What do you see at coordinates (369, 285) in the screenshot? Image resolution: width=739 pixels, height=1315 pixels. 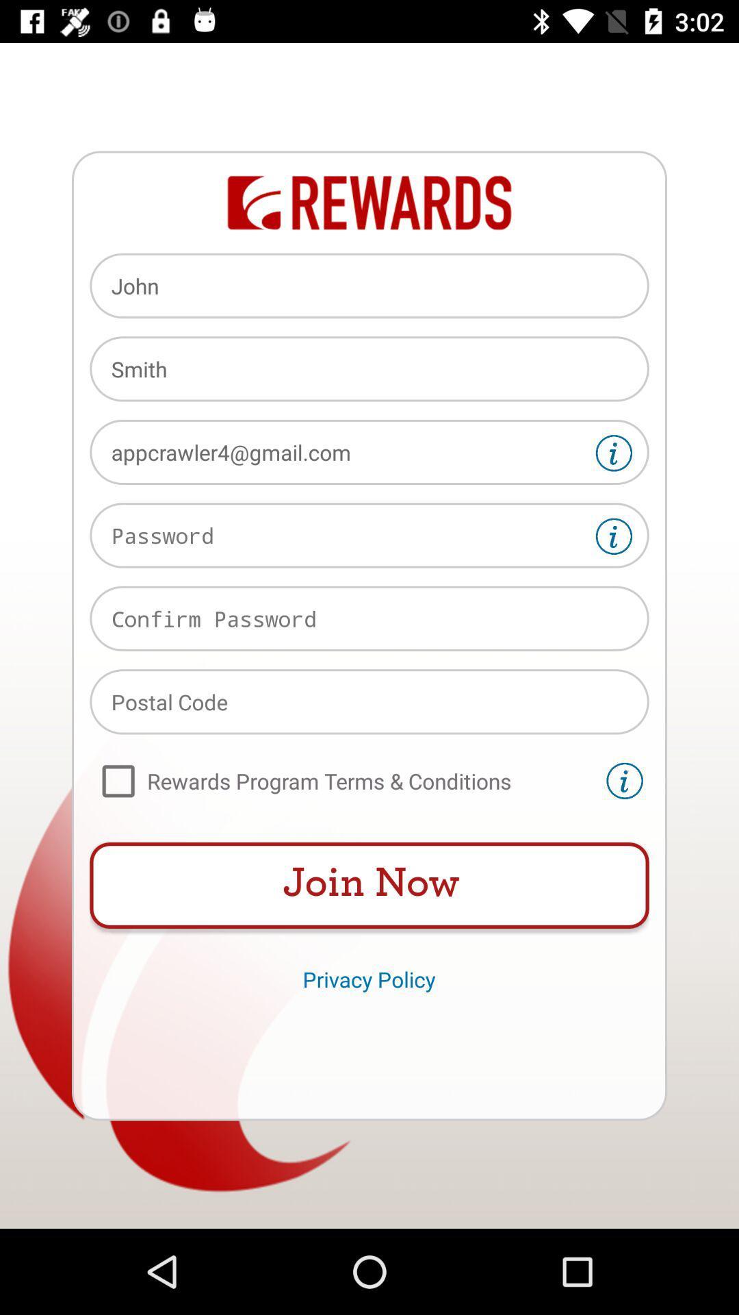 I see `the item above the smith` at bounding box center [369, 285].